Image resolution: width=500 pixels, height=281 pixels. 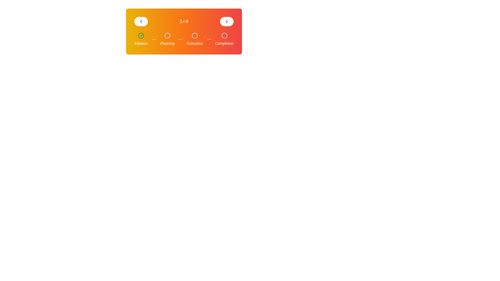 I want to click on the SVG circle element representing the 'Completion' progress step in the bottom-right of the progress step UI component, so click(x=224, y=35).